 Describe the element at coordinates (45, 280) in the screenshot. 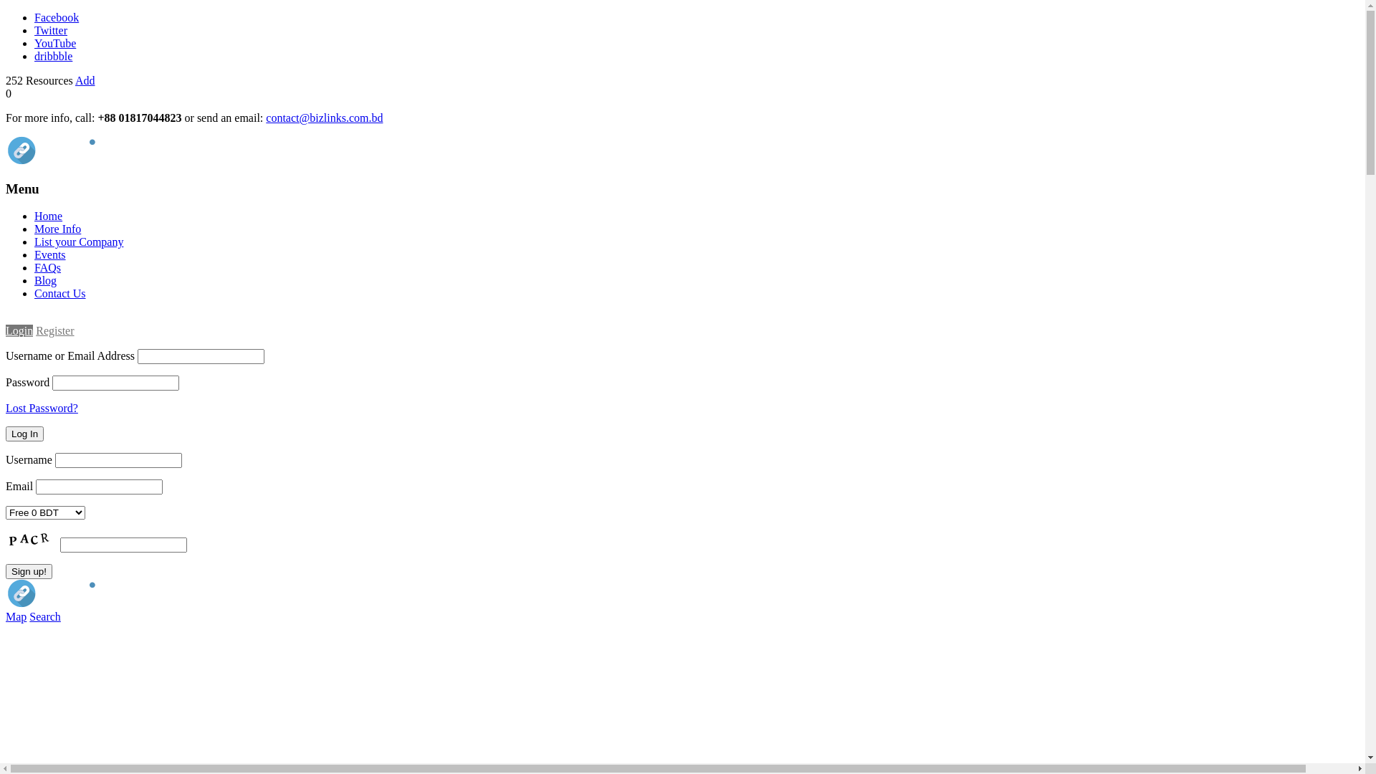

I see `'Blog'` at that location.